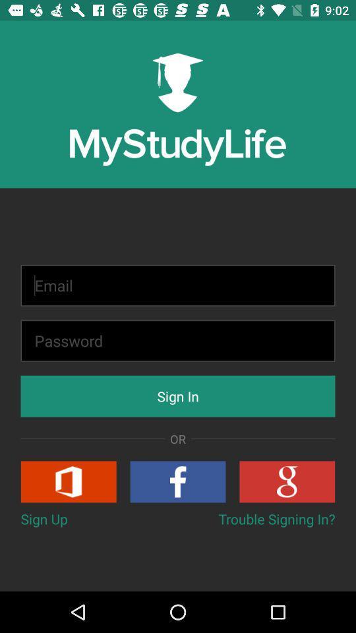  I want to click on log in using facebook account, so click(178, 481).